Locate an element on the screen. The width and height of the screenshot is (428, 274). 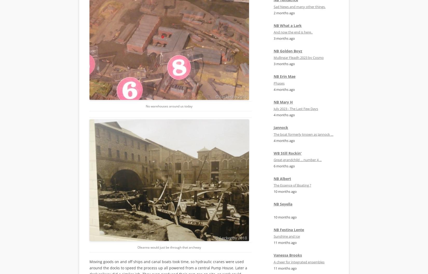
'No warehouses around us today' is located at coordinates (145, 106).